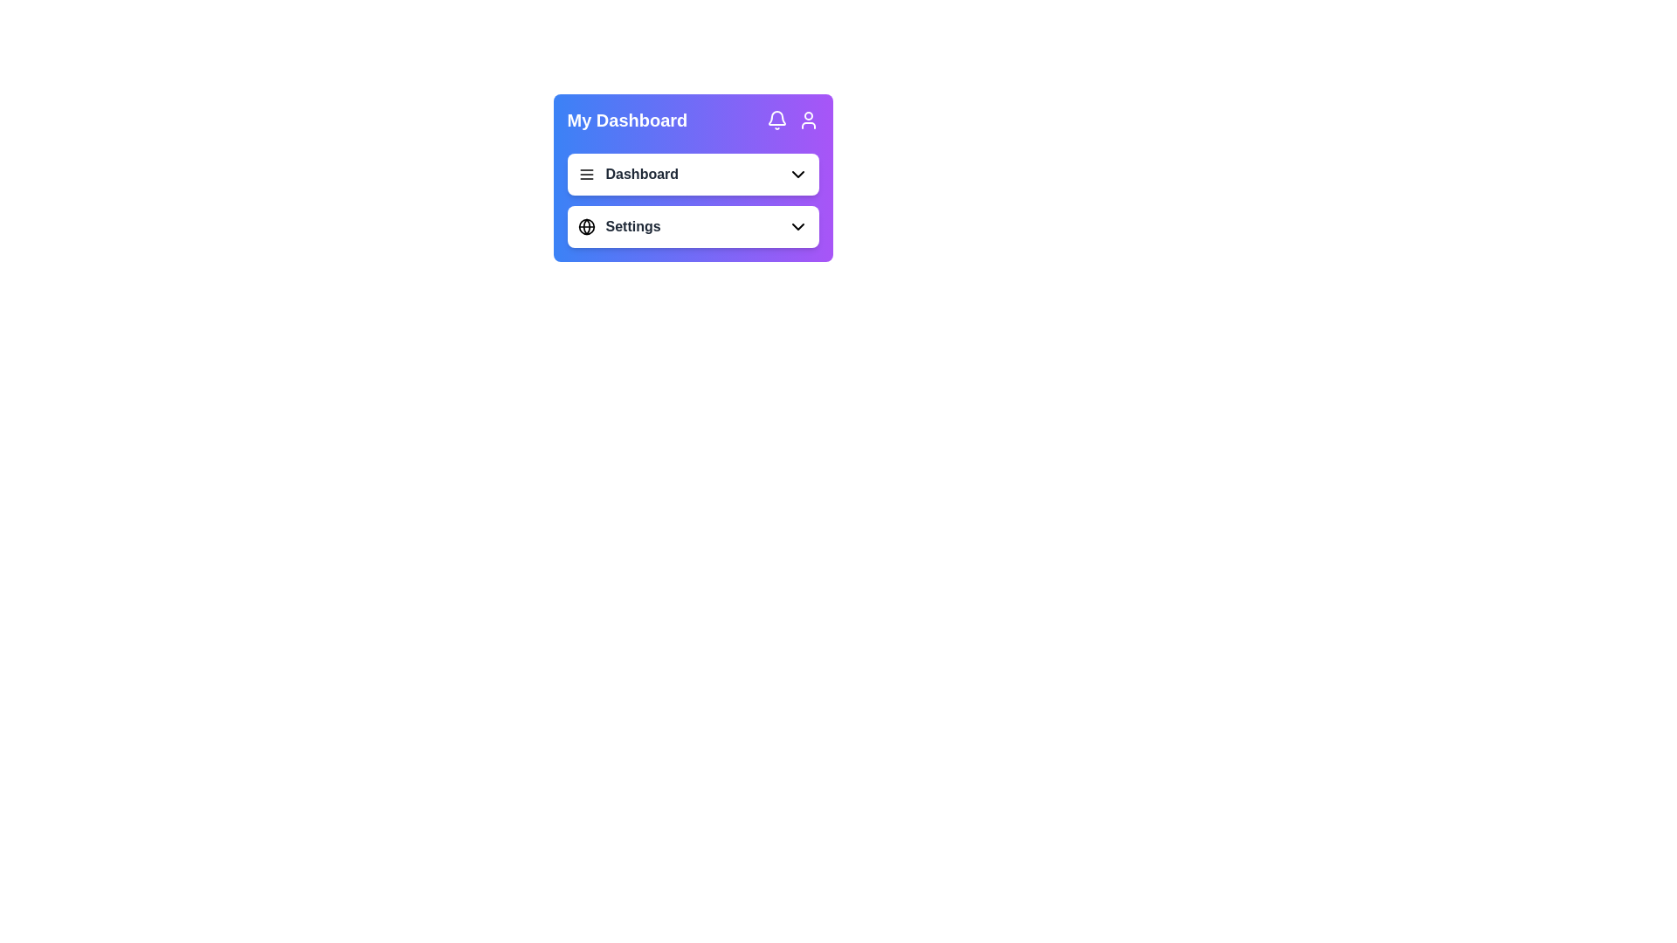  Describe the element at coordinates (631, 225) in the screenshot. I see `the label indicating settings or configuration options located to the right of the globe icon in the 'My Dashboard' card` at that location.